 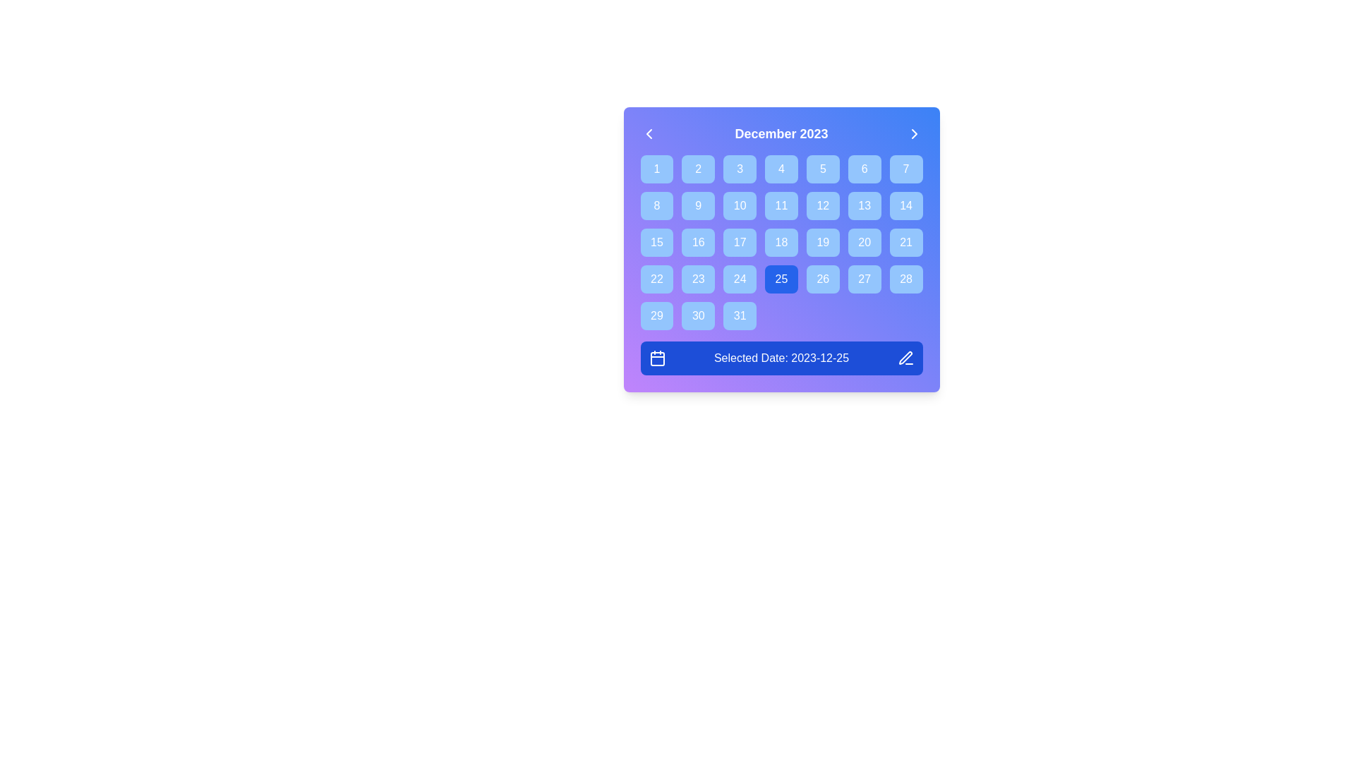 I want to click on the rounded rectangular button labeled '21' with a light blue background, so click(x=906, y=241).